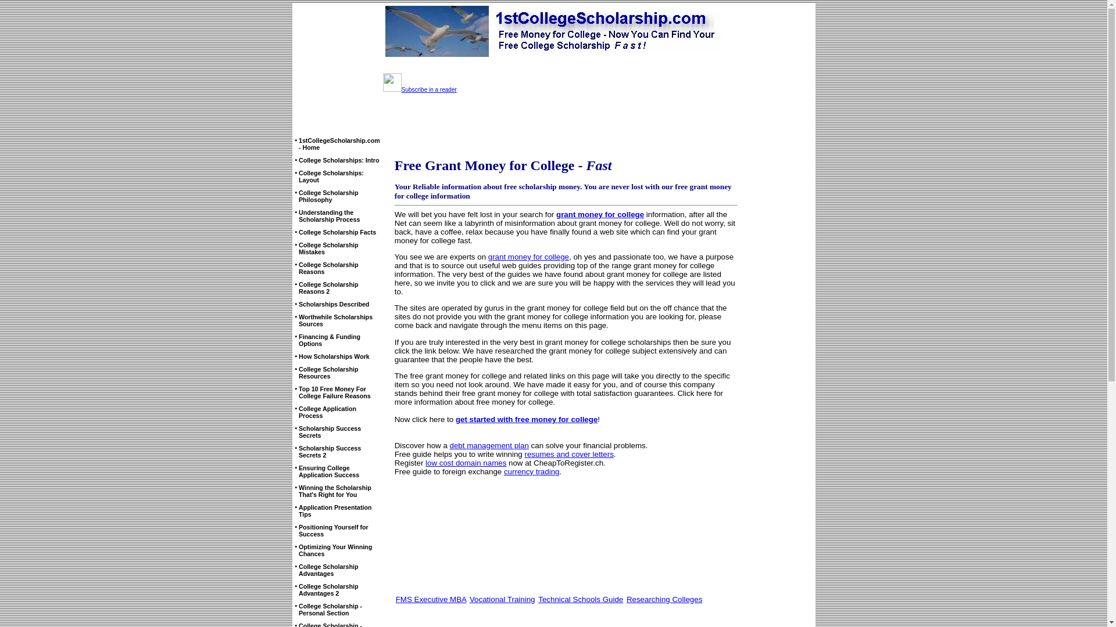  Describe the element at coordinates (337, 232) in the screenshot. I see `'College Scholarship Facts'` at that location.